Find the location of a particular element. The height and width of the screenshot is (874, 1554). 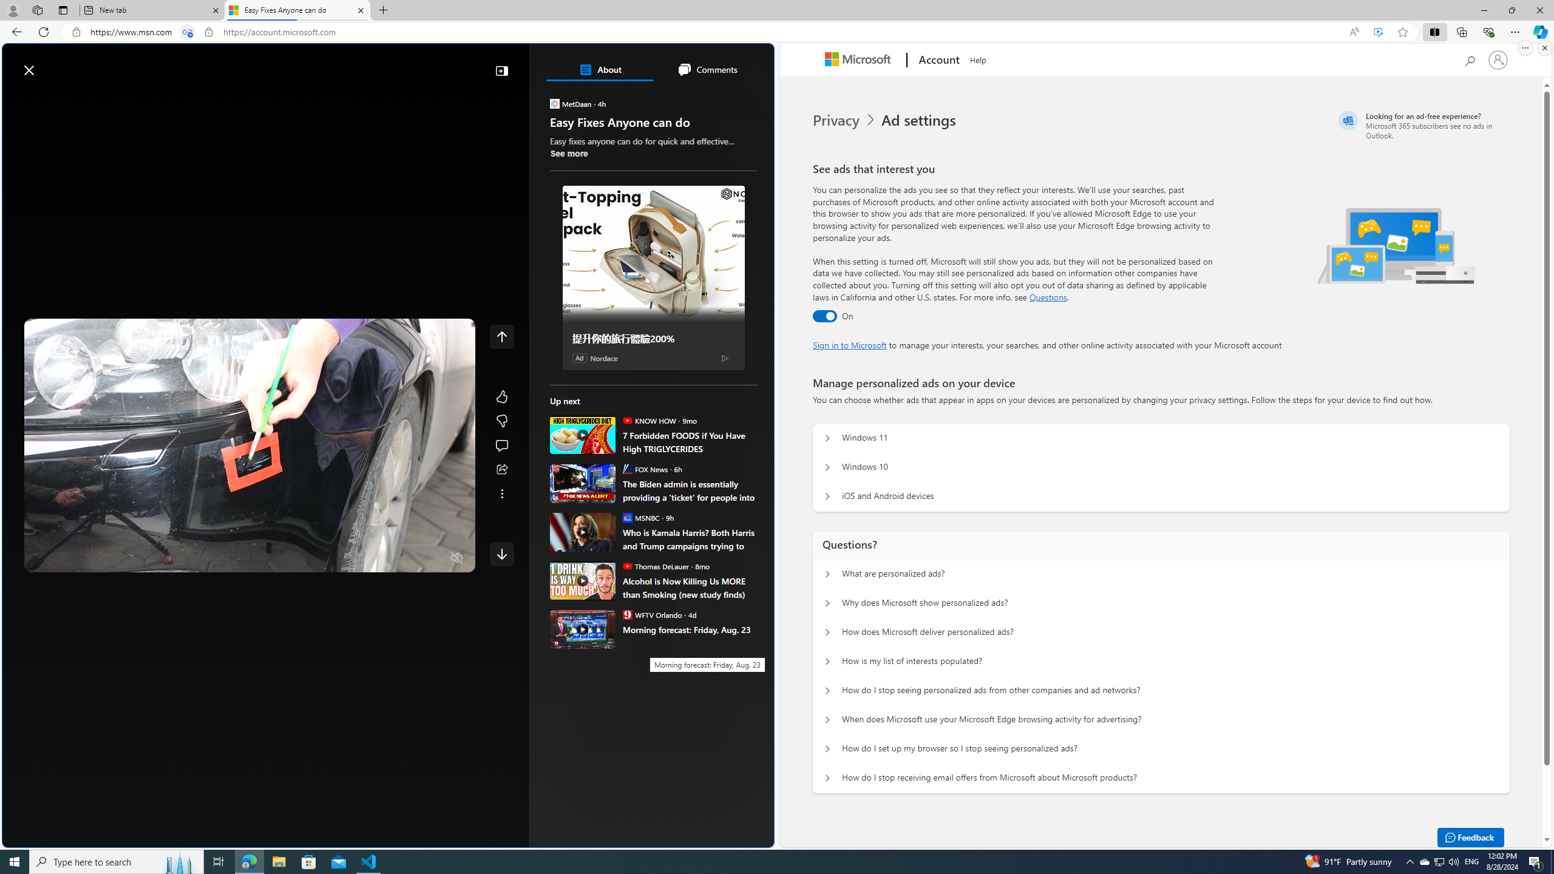

'Like' is located at coordinates (501, 396).